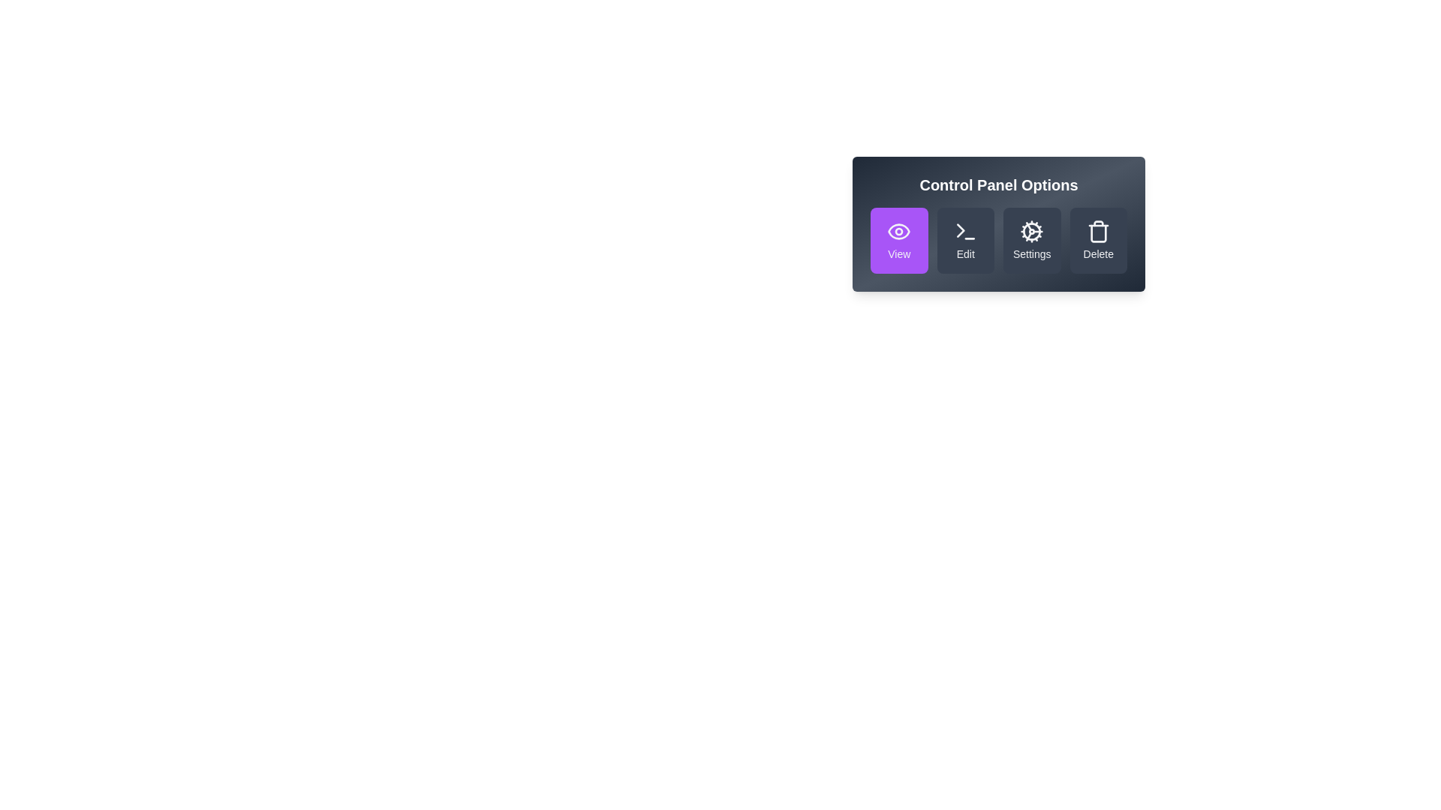 The width and height of the screenshot is (1441, 810). I want to click on the delete button located at the far right of the control panel, so click(1098, 239).